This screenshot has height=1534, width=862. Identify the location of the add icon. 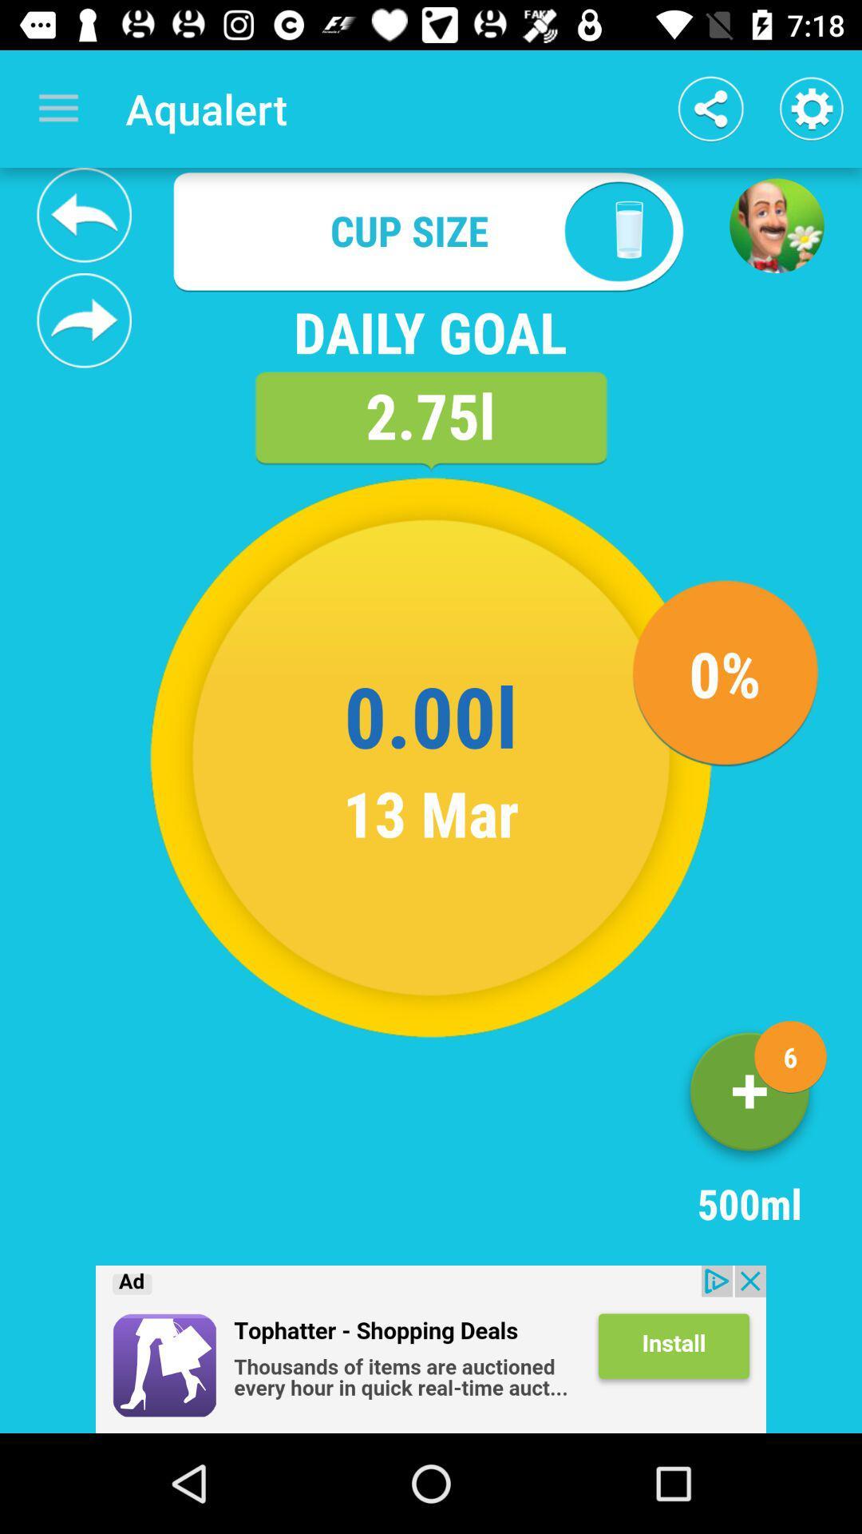
(749, 1097).